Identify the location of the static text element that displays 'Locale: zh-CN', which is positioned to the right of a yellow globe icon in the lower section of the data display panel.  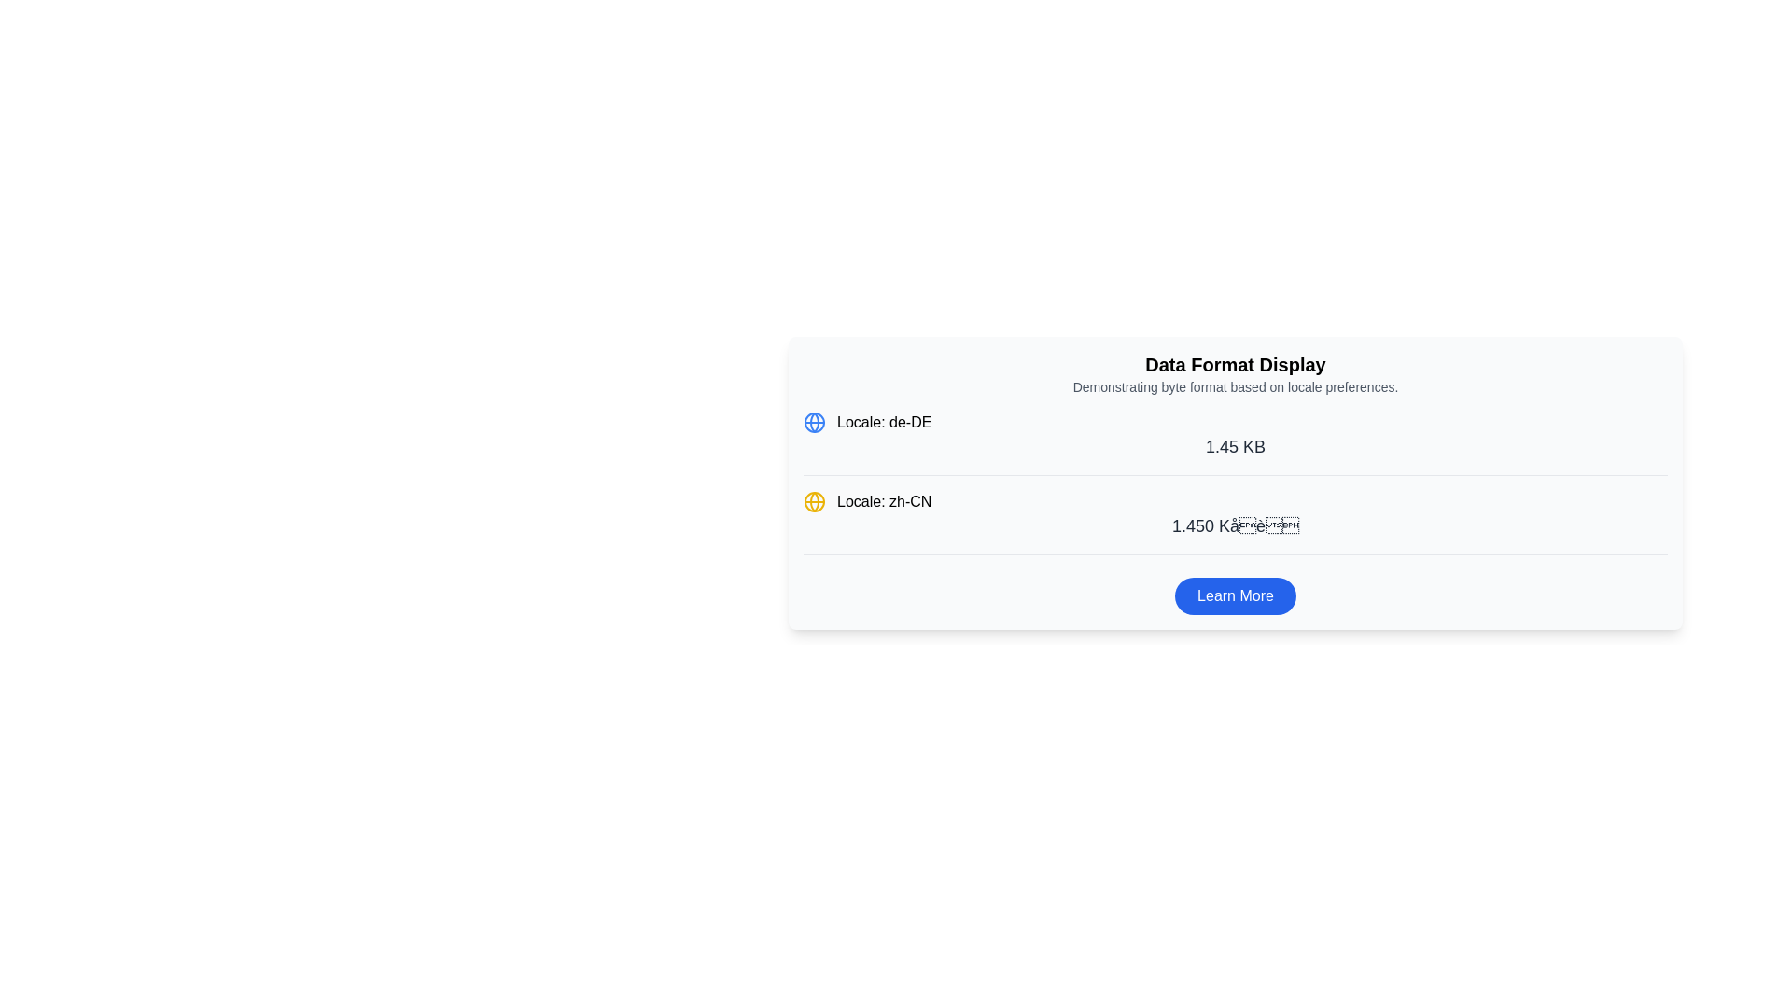
(883, 500).